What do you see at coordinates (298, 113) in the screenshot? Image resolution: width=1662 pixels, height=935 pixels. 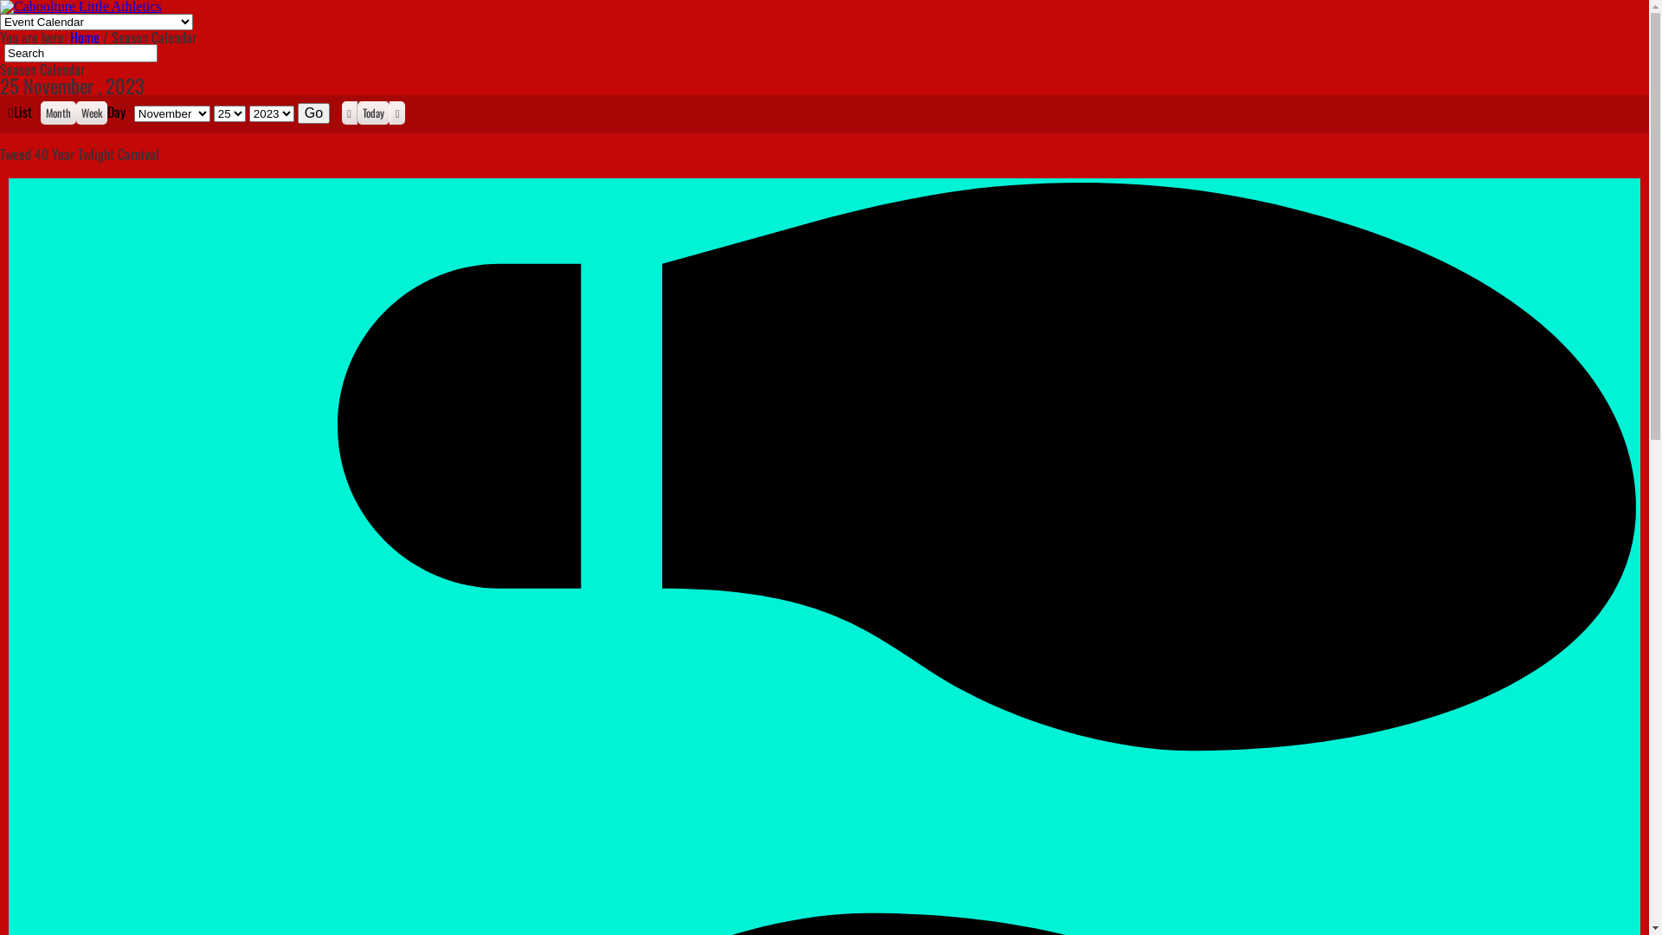 I see `'Go'` at bounding box center [298, 113].